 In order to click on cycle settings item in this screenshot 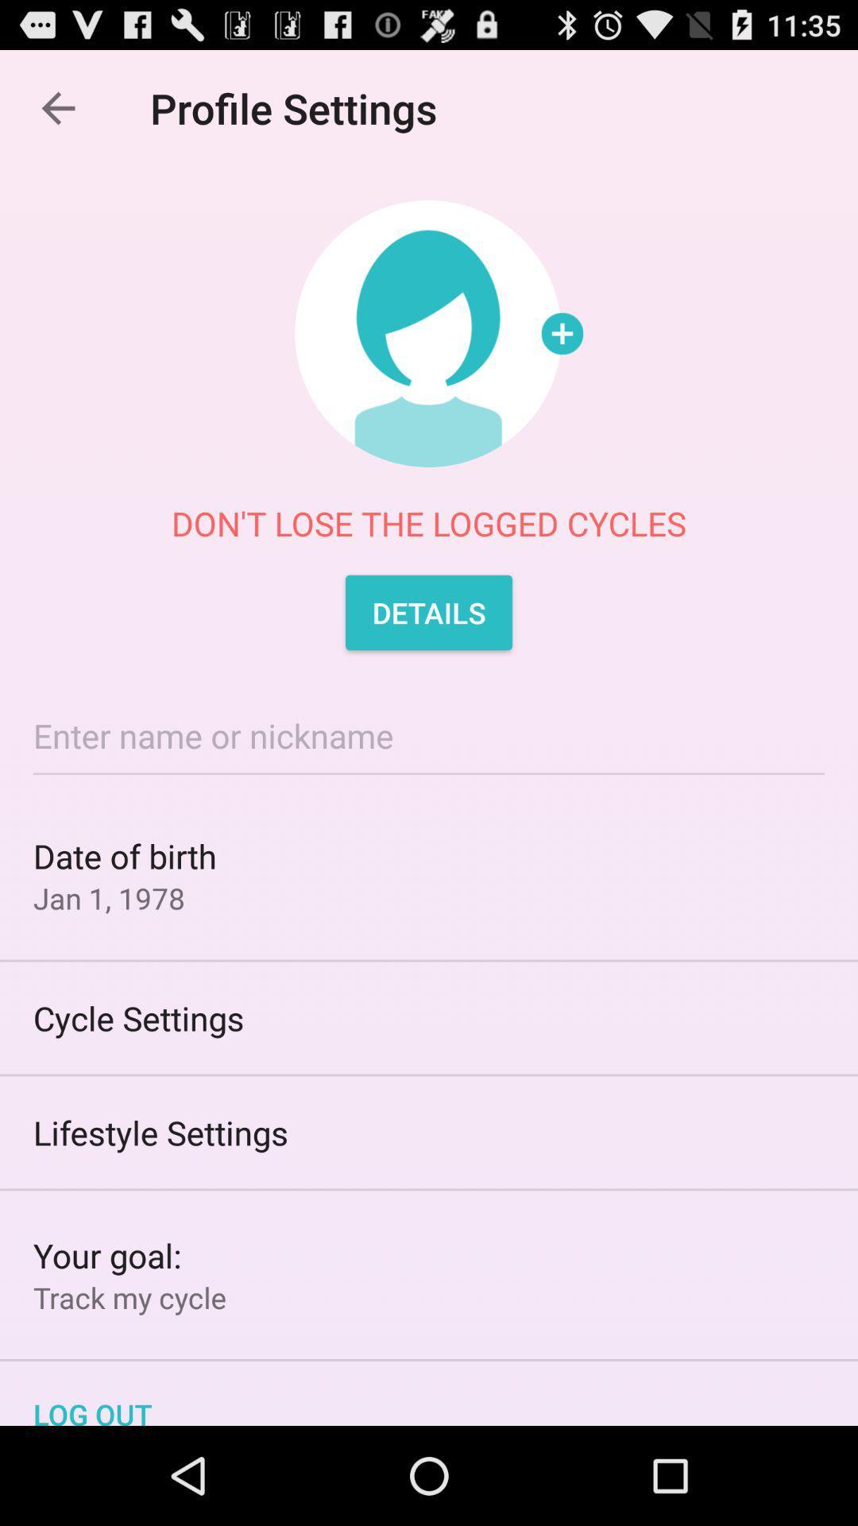, I will do `click(429, 1018)`.